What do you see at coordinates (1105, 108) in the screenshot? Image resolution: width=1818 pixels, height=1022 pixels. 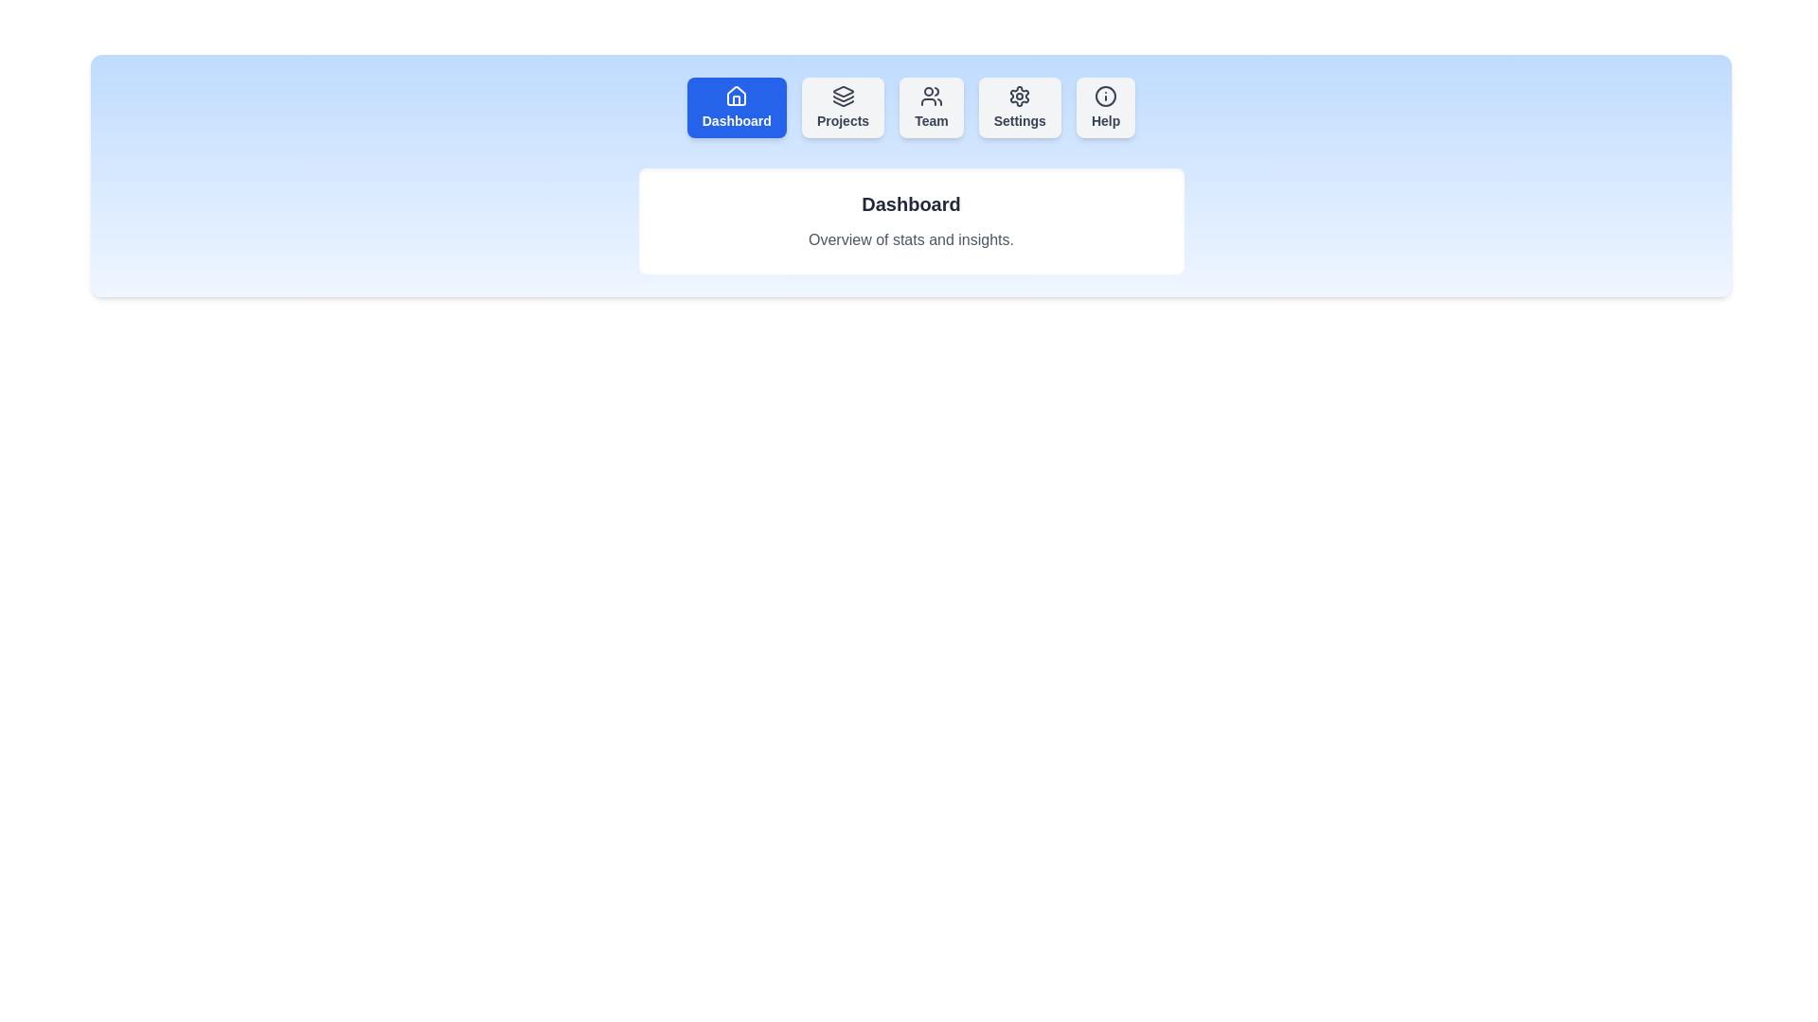 I see `the tab button labeled Help` at bounding box center [1105, 108].